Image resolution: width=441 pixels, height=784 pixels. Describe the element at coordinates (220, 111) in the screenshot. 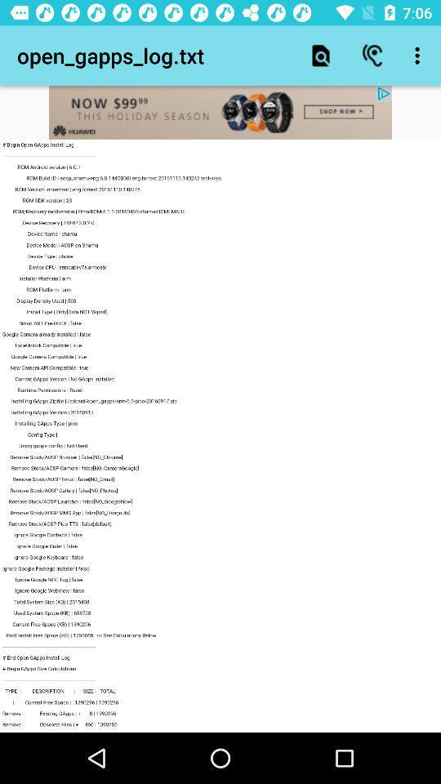

I see `click advertisement` at that location.